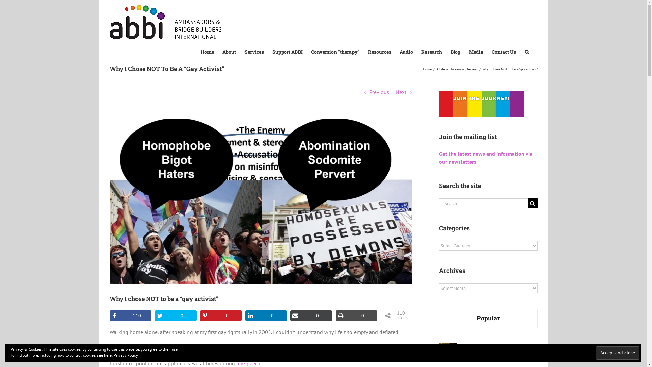 The image size is (652, 367). What do you see at coordinates (461, 349) in the screenshot?
I see `'When a married straight man falls in love with another man'` at bounding box center [461, 349].